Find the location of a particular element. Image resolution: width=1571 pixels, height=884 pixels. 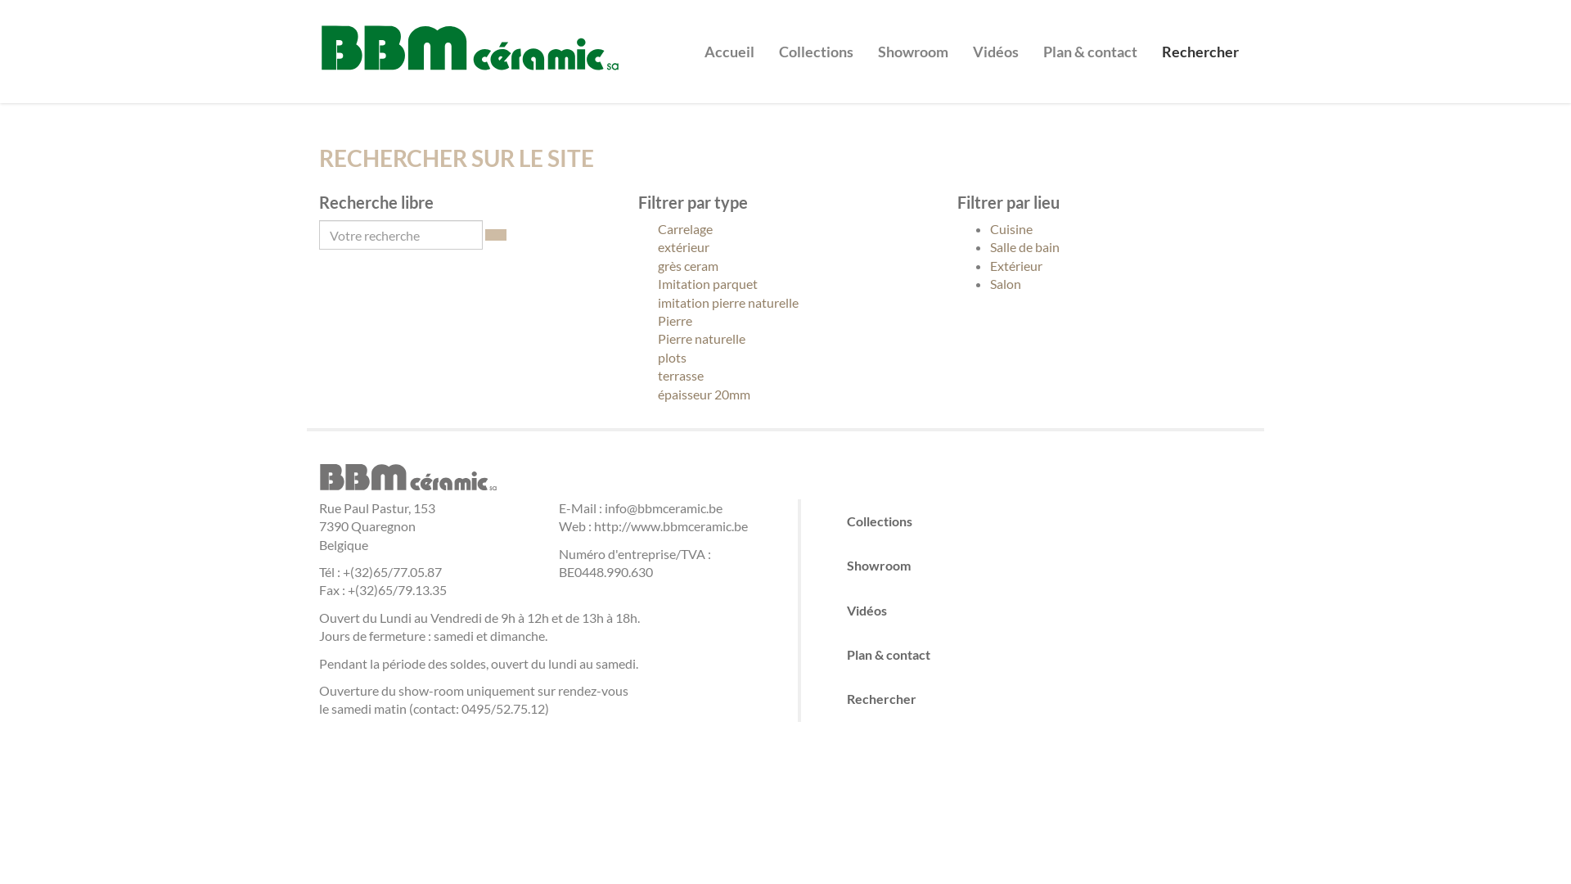

'Showroom' is located at coordinates (912, 38).